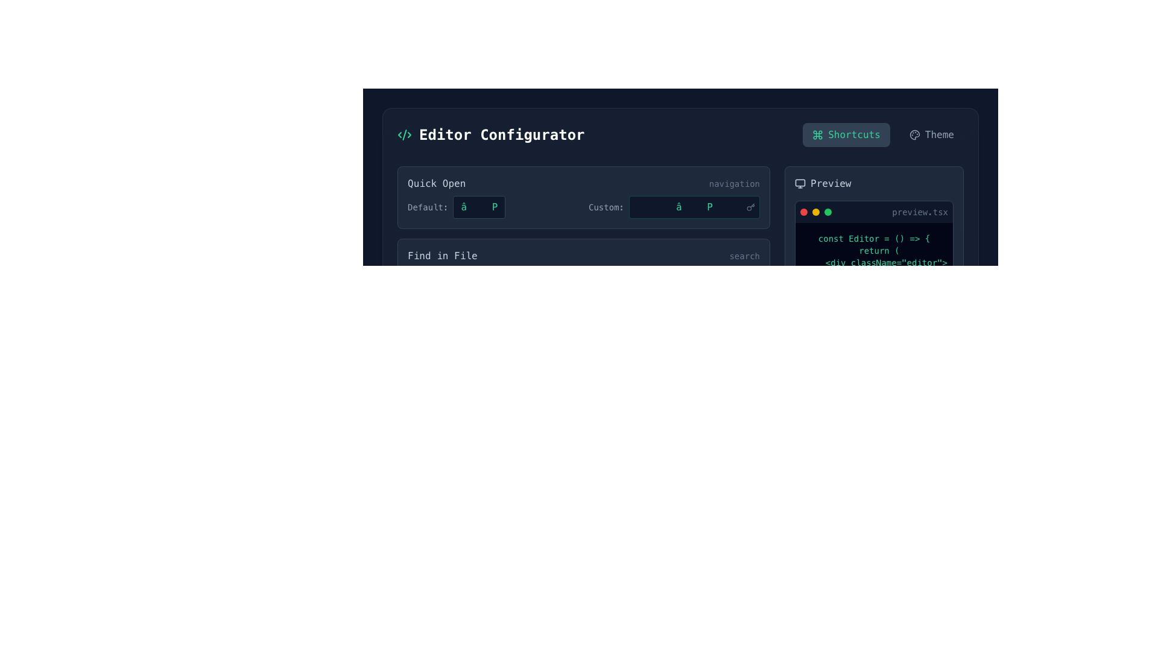 Image resolution: width=1158 pixels, height=651 pixels. What do you see at coordinates (584, 206) in the screenshot?
I see `the styled block in the 'Quick Open' section of the 'Editor Configurator' interface` at bounding box center [584, 206].